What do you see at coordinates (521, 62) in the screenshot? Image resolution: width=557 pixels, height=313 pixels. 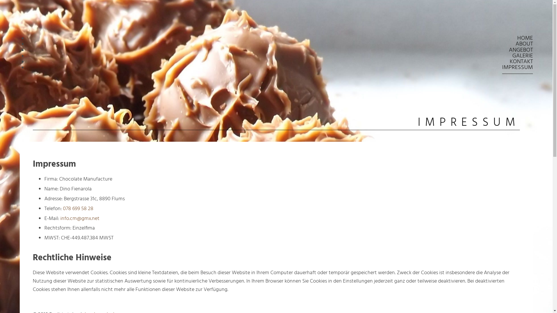 I see `'KONTAKT'` at bounding box center [521, 62].